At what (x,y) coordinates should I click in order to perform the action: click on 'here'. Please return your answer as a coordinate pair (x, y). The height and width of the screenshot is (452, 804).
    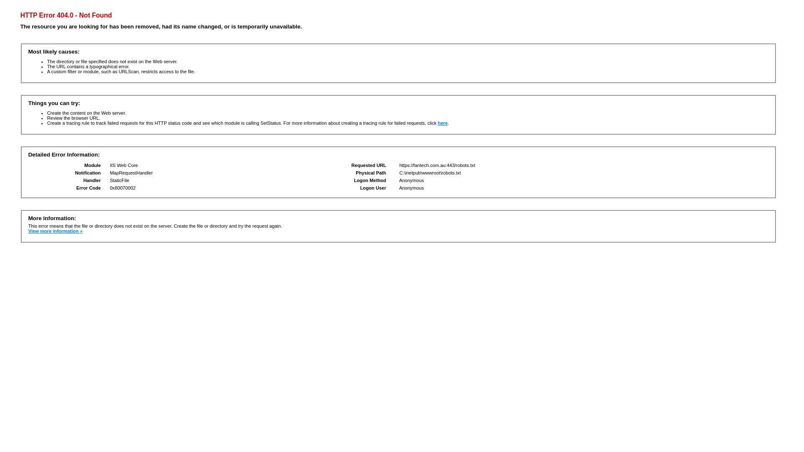
    Looking at the image, I should click on (442, 123).